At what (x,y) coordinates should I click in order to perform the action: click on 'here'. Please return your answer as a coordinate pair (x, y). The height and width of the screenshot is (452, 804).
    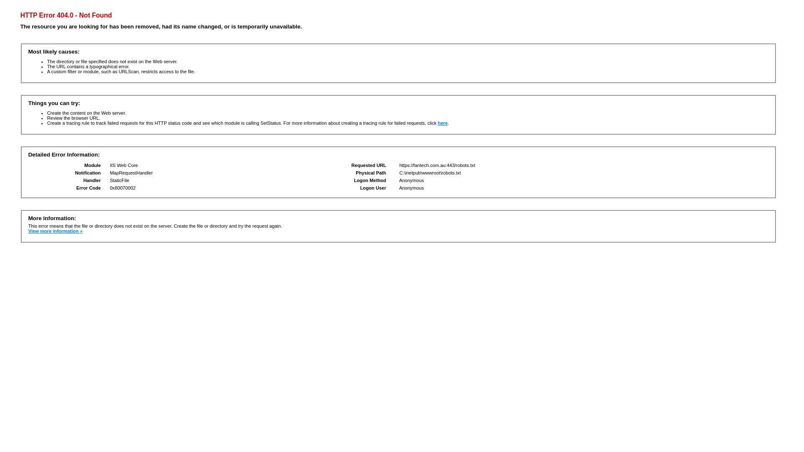
    Looking at the image, I should click on (442, 123).